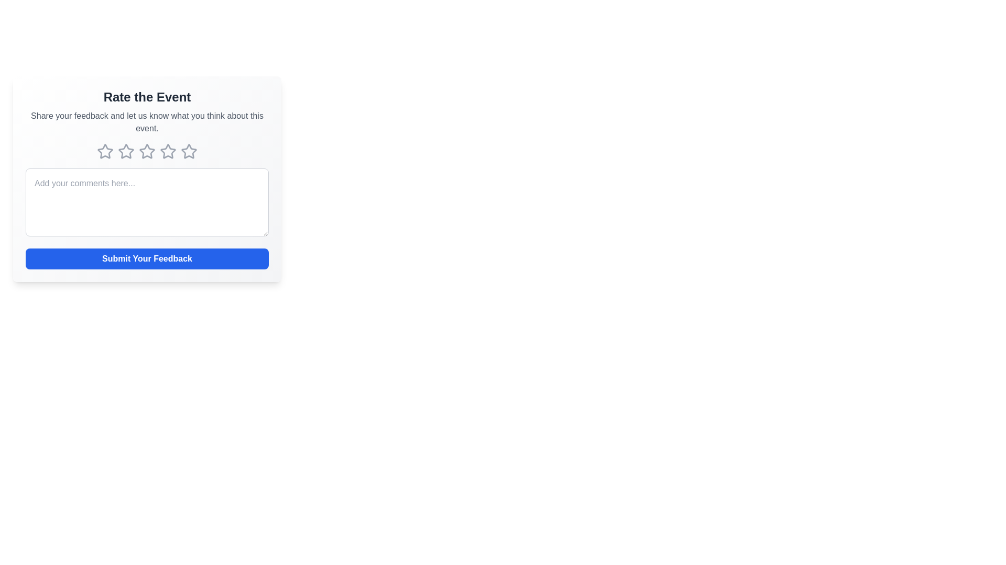 Image resolution: width=1006 pixels, height=565 pixels. What do you see at coordinates (126, 151) in the screenshot?
I see `the second hollow gray star in the 5-star rating component` at bounding box center [126, 151].